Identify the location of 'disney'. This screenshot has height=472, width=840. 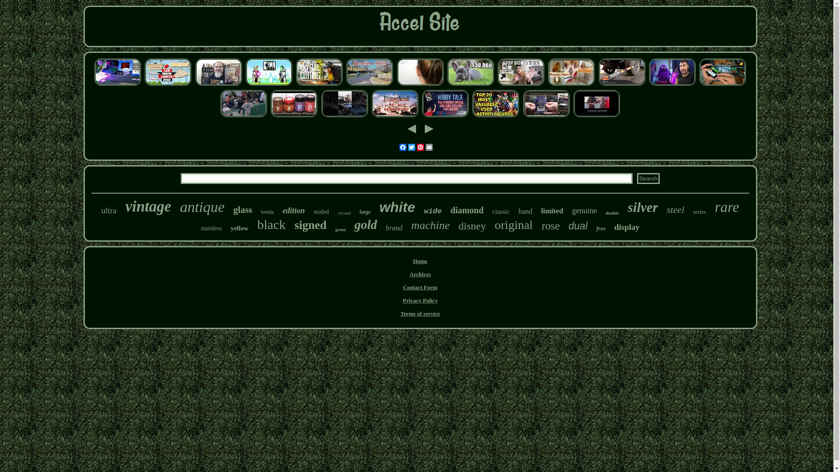
(458, 226).